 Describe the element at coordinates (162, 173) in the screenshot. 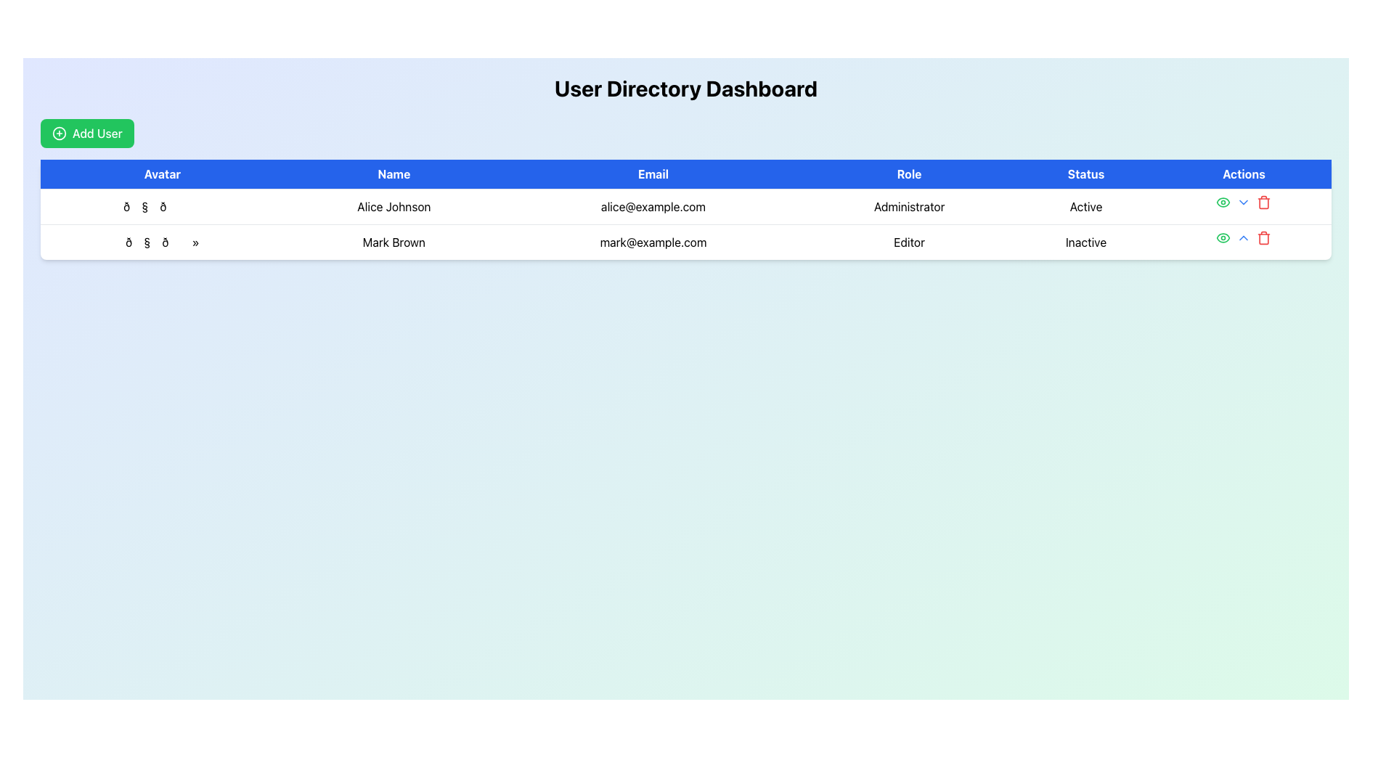

I see `the 'Avatar' header section, which is a rectangular area with a blue background and white text, located at the far-left side of the header row in the table` at that location.